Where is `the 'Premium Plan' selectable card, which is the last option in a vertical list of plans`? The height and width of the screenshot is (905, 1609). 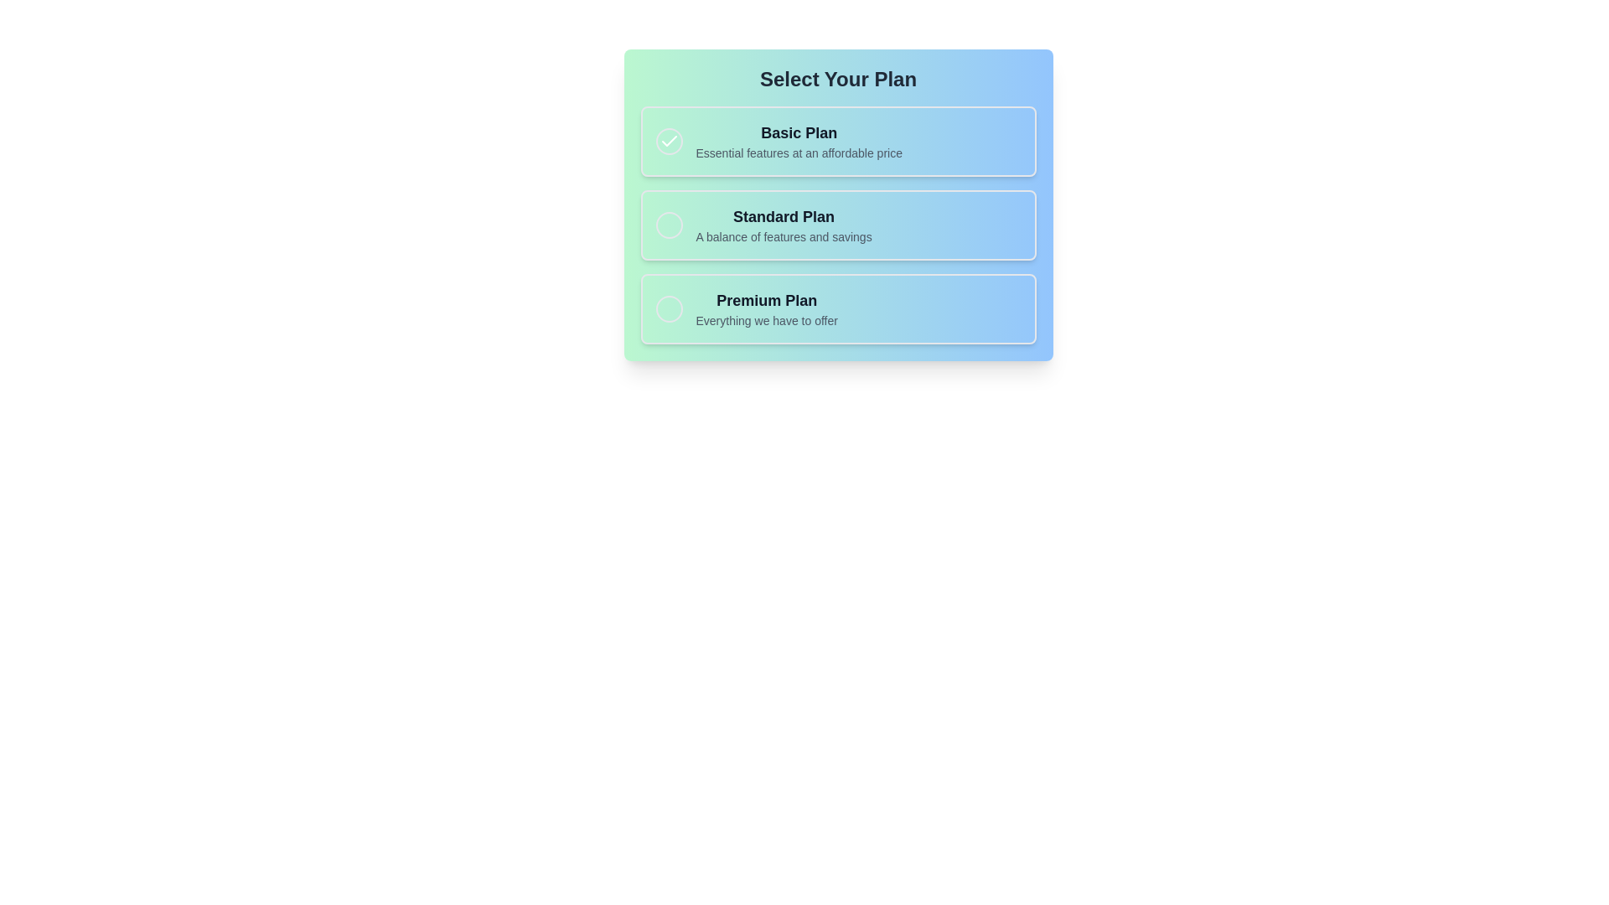 the 'Premium Plan' selectable card, which is the last option in a vertical list of plans is located at coordinates (838, 309).